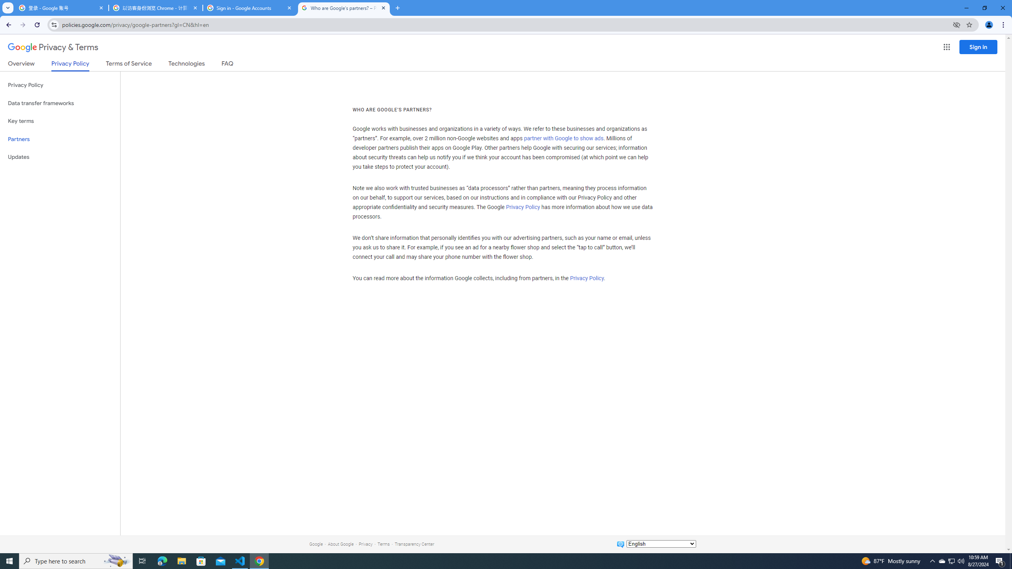 Image resolution: width=1012 pixels, height=569 pixels. I want to click on 'Transparency Center', so click(414, 544).